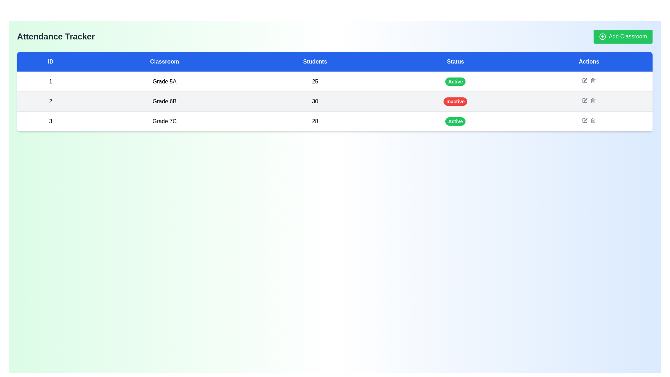 The image size is (670, 377). What do you see at coordinates (164, 101) in the screenshot?
I see `the Text label displaying the classroom identifier located in the second row of the table under the 'Classroom' column` at bounding box center [164, 101].